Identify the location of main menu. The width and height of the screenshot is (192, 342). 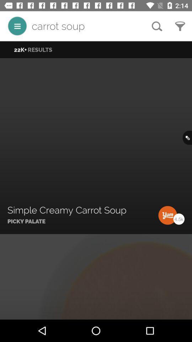
(17, 26).